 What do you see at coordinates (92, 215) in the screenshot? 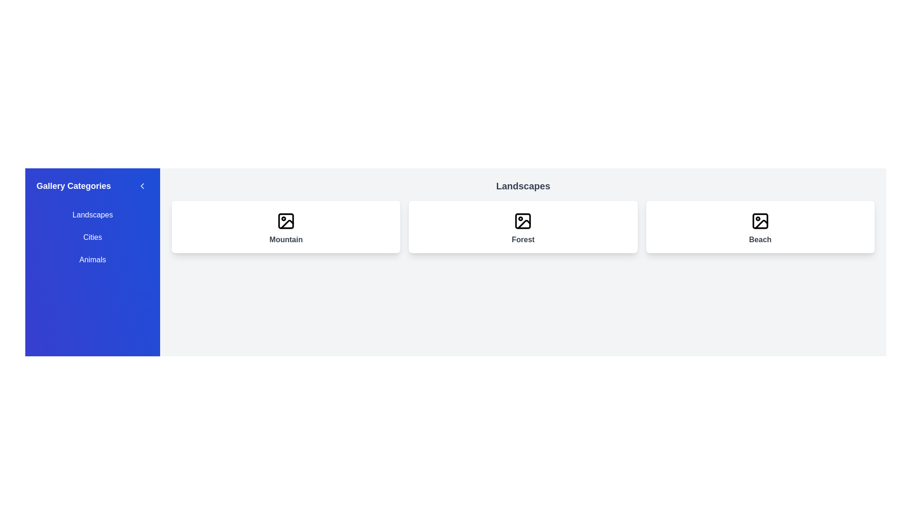
I see `the first navigation link in the 'Gallery Categories' panel` at bounding box center [92, 215].